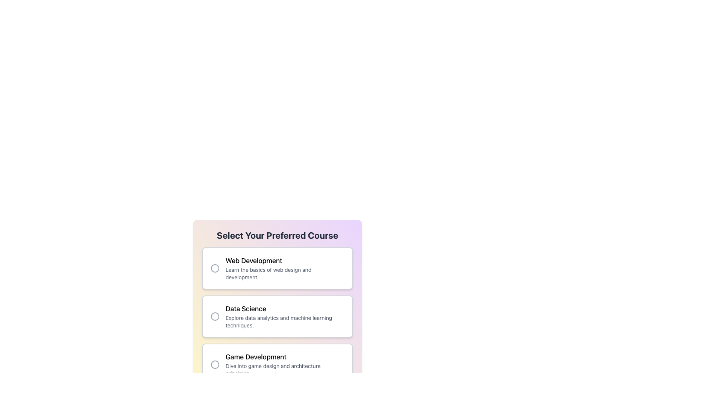 The width and height of the screenshot is (722, 406). What do you see at coordinates (214, 268) in the screenshot?
I see `the unselected SVG Circle Element representing the 'Web Development' course option in the selection panel` at bounding box center [214, 268].